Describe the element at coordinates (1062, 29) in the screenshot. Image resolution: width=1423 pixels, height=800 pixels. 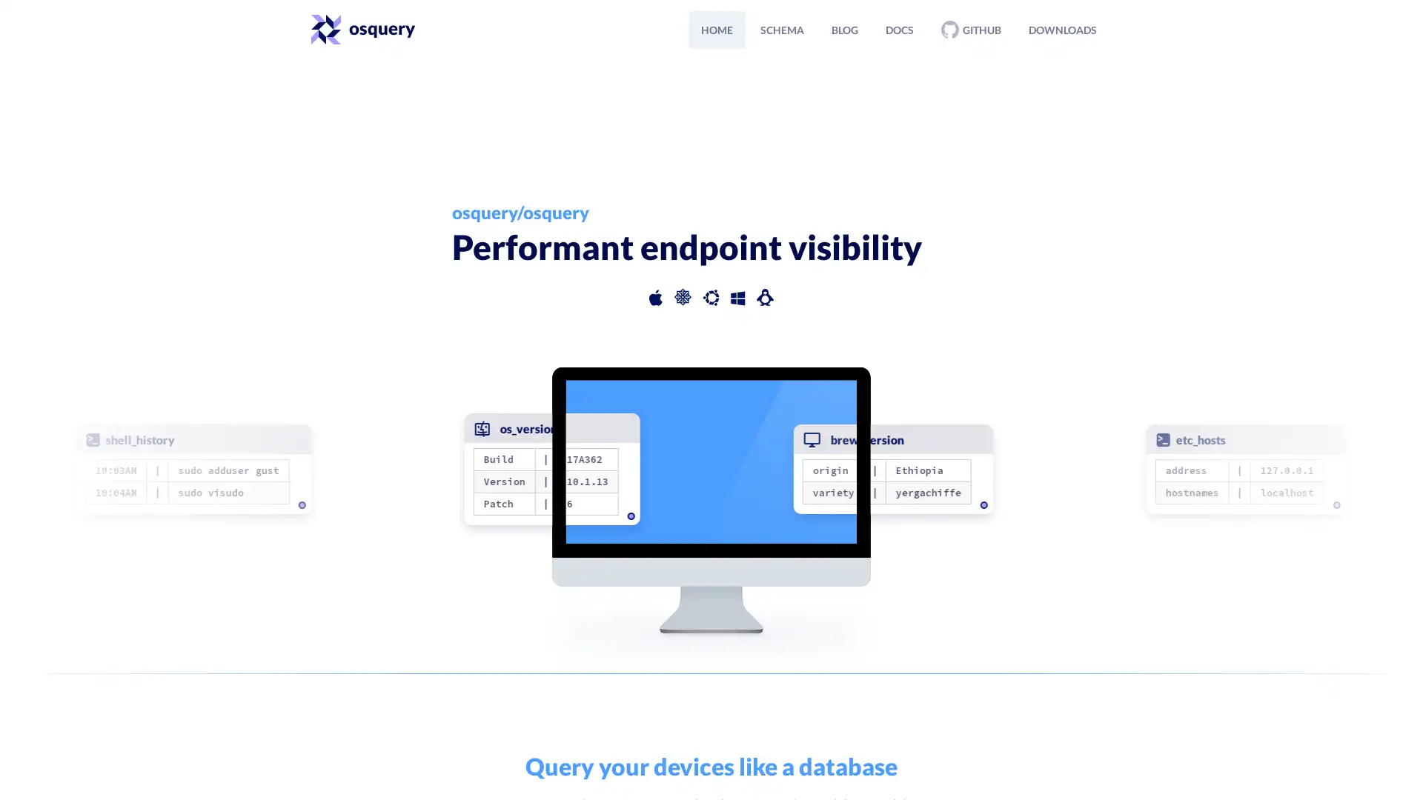
I see `DOWNLOADS` at that location.